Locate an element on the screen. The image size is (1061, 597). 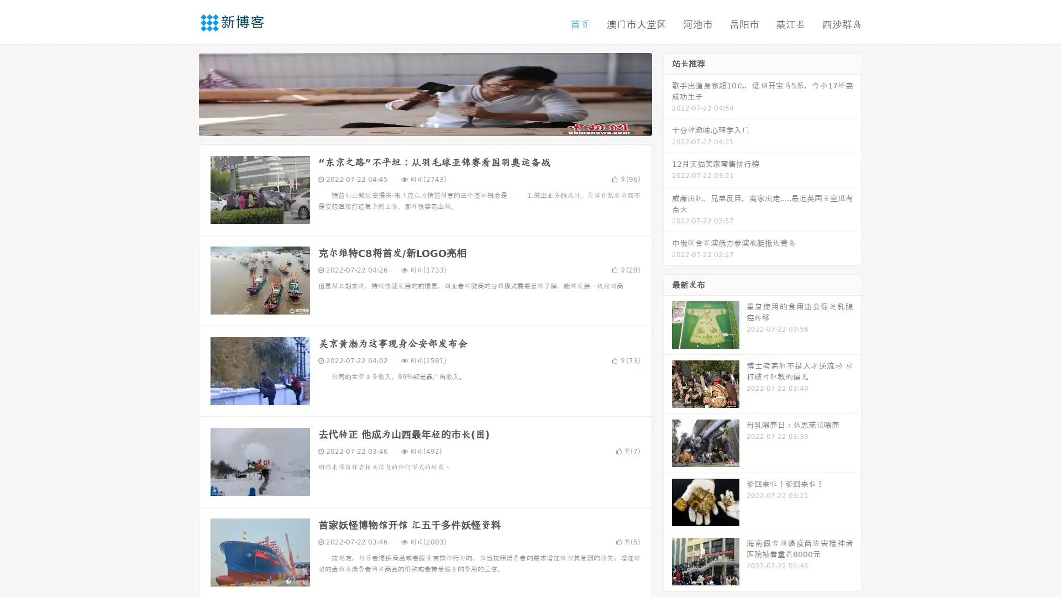
Previous slide is located at coordinates (182, 93).